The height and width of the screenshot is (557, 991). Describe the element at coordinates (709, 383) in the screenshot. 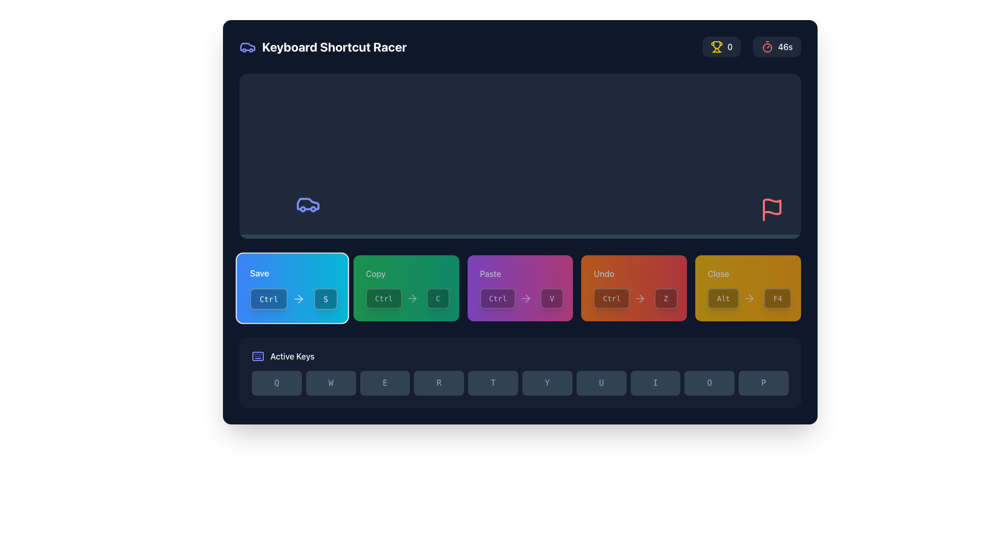

I see `the button labeled 'O' which is the ninth button from the left in a horizontal row of key-like buttons at the bottom of the interface to trigger hover effects` at that location.